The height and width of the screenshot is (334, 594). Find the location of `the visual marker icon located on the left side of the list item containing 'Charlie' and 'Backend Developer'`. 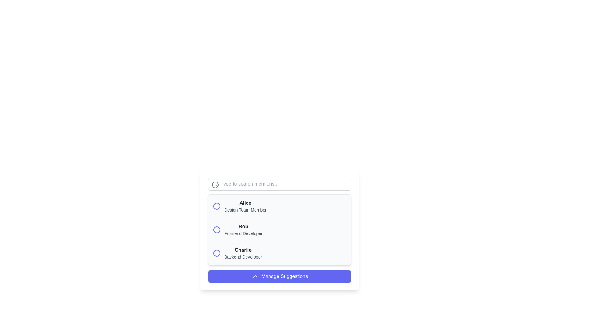

the visual marker icon located on the left side of the list item containing 'Charlie' and 'Backend Developer' is located at coordinates (217, 253).